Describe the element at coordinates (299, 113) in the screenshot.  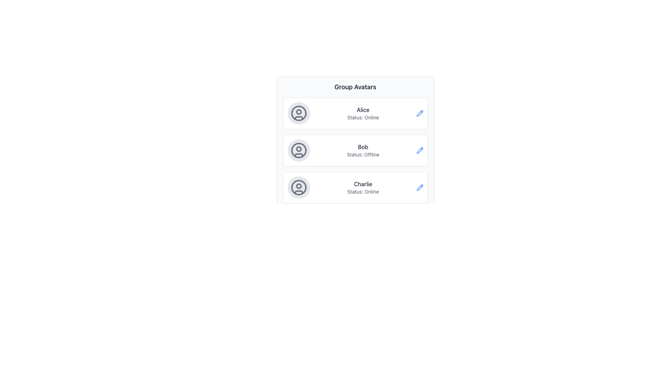
I see `the decorative Circle graphic of the user avatar icon for Alice in the Group Avatars list` at that location.